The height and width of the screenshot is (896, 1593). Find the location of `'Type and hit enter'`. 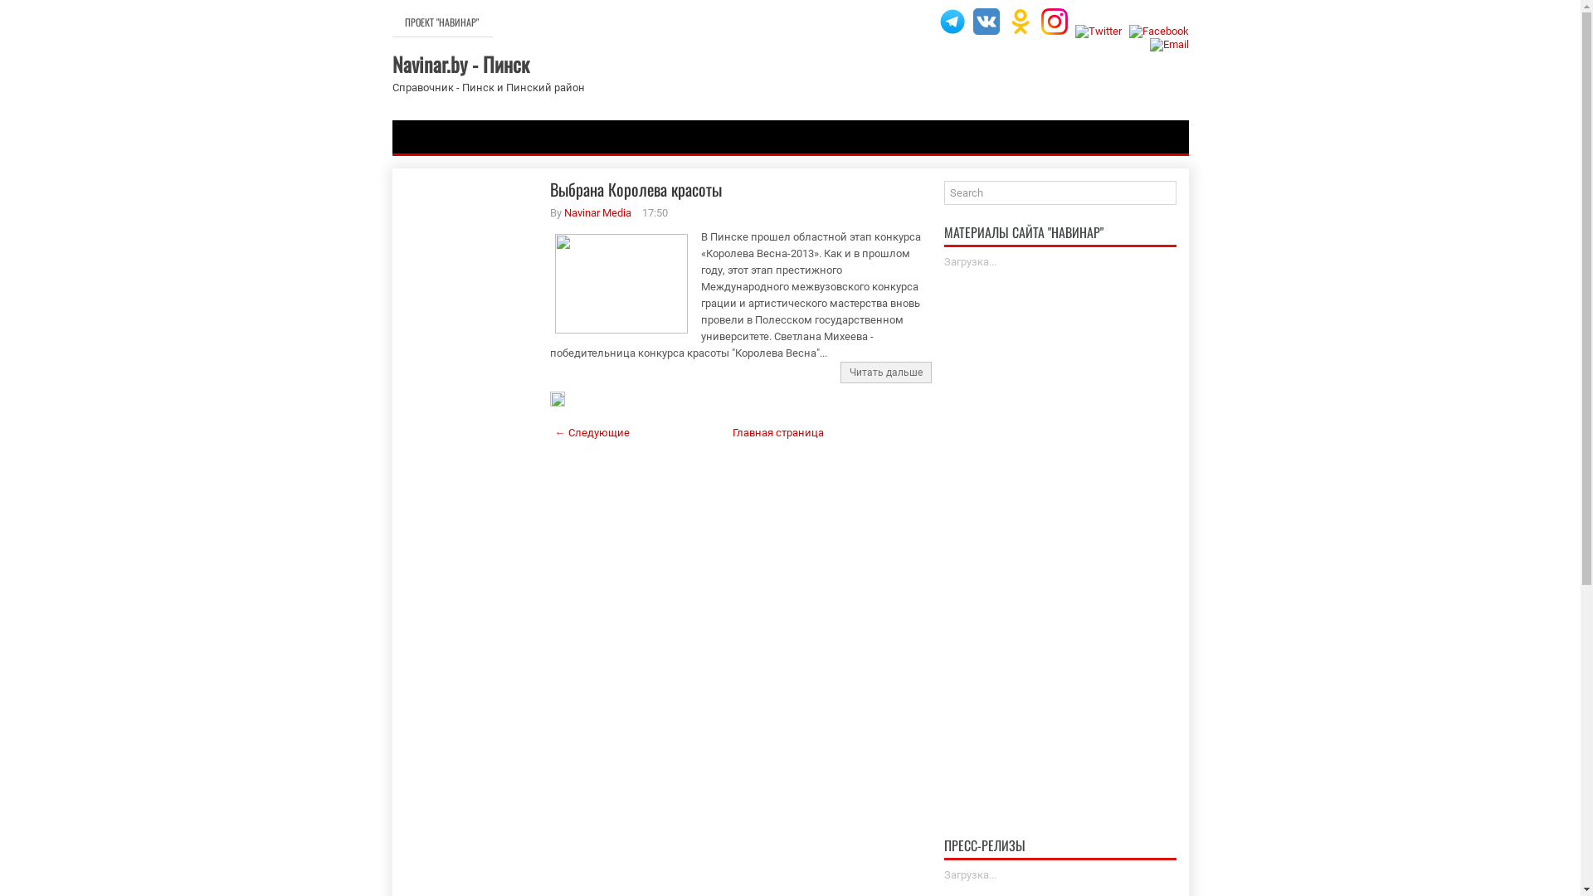

'Type and hit enter' is located at coordinates (1059, 192).